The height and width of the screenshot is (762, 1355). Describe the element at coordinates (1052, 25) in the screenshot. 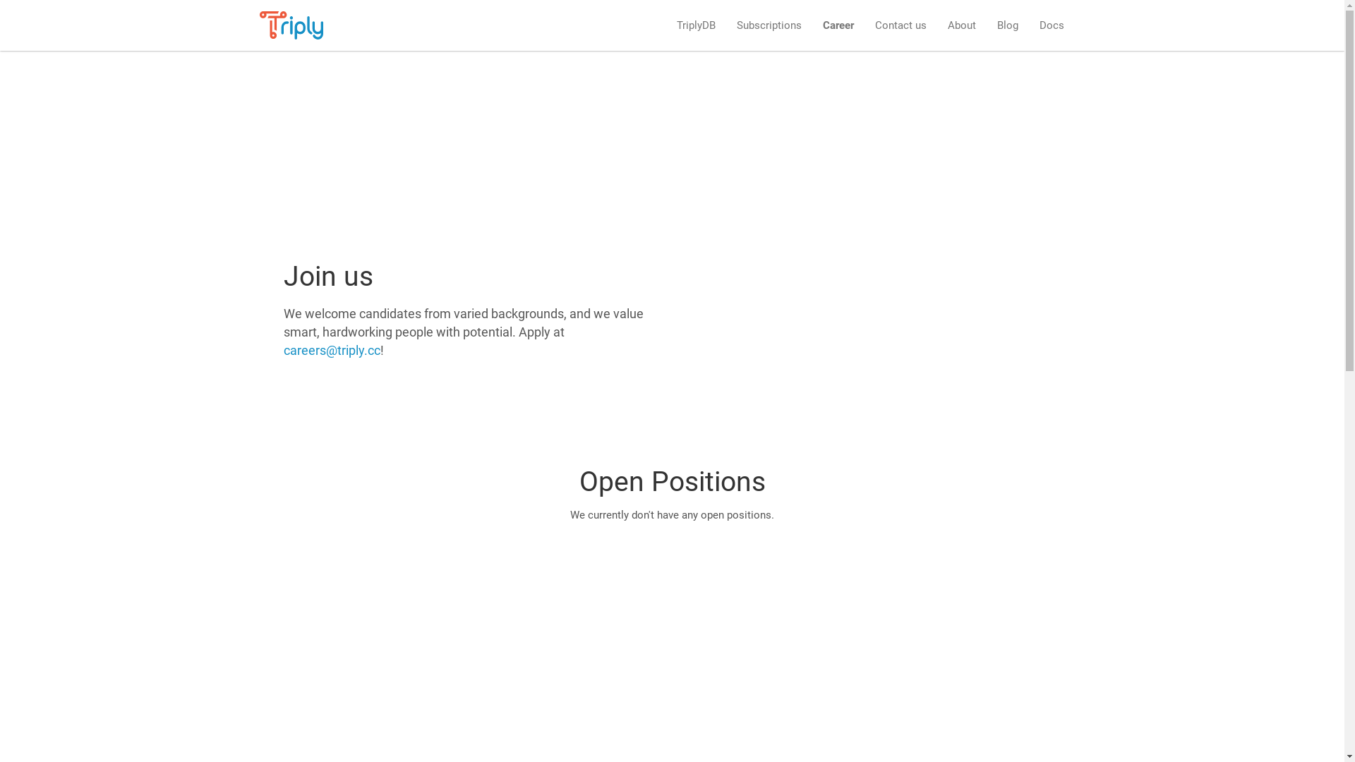

I see `'Docs'` at that location.